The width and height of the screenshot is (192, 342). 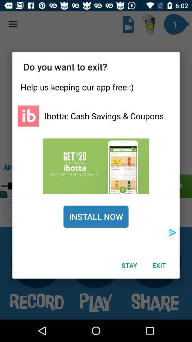 I want to click on check discount code, so click(x=96, y=166).